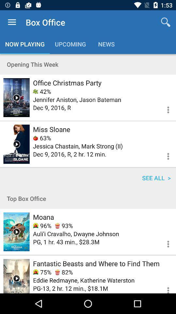 The width and height of the screenshot is (176, 314). I want to click on the icon to the left of the 93%, so click(42, 226).